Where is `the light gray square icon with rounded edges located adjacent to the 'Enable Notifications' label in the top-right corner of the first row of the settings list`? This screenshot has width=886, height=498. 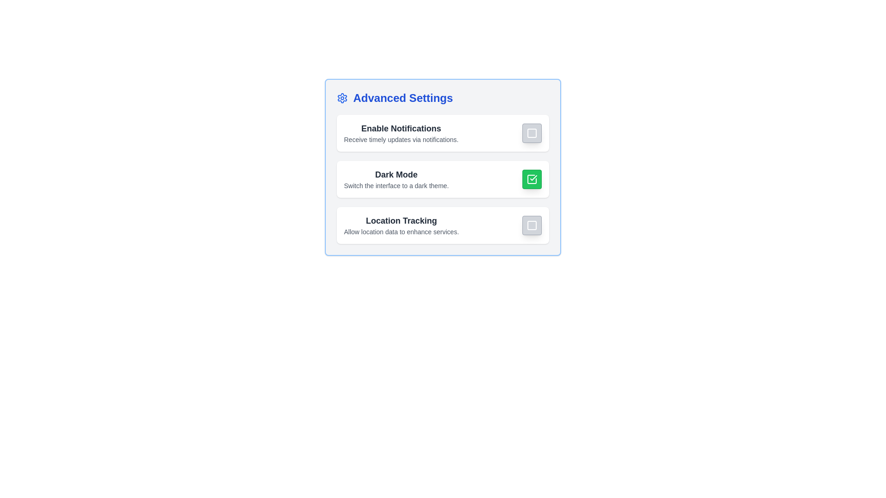
the light gray square icon with rounded edges located adjacent to the 'Enable Notifications' label in the top-right corner of the first row of the settings list is located at coordinates (532, 133).